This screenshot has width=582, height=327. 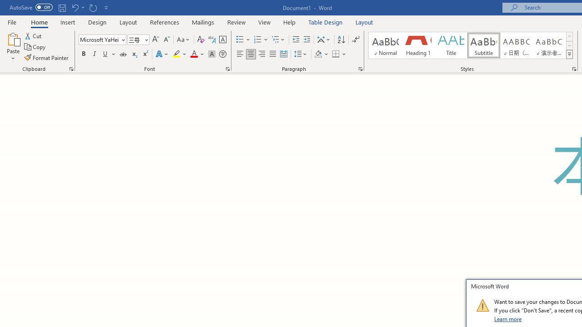 I want to click on 'Table Design', so click(x=326, y=22).